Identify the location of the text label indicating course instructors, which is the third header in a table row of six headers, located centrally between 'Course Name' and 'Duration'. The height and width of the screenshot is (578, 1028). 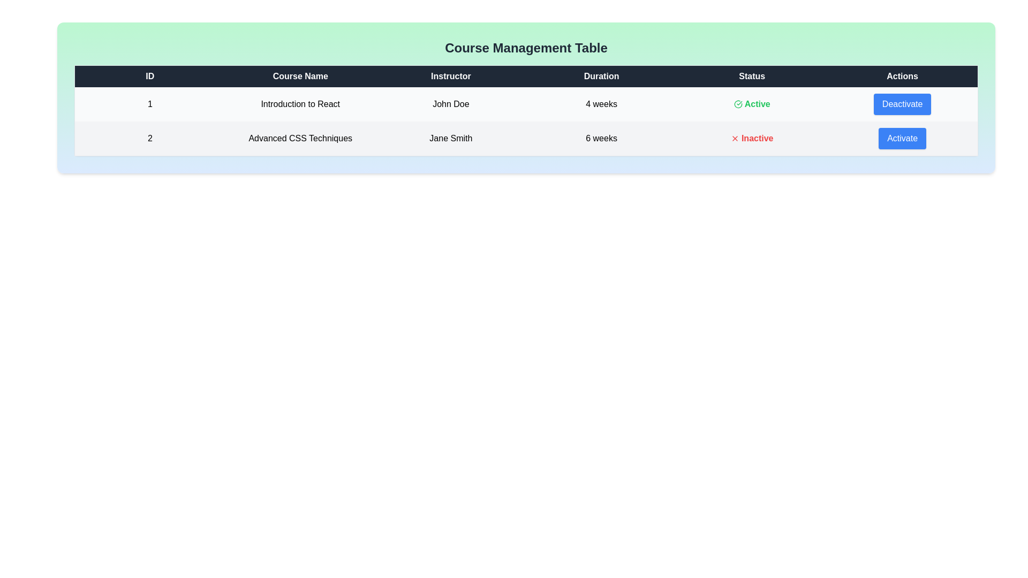
(451, 75).